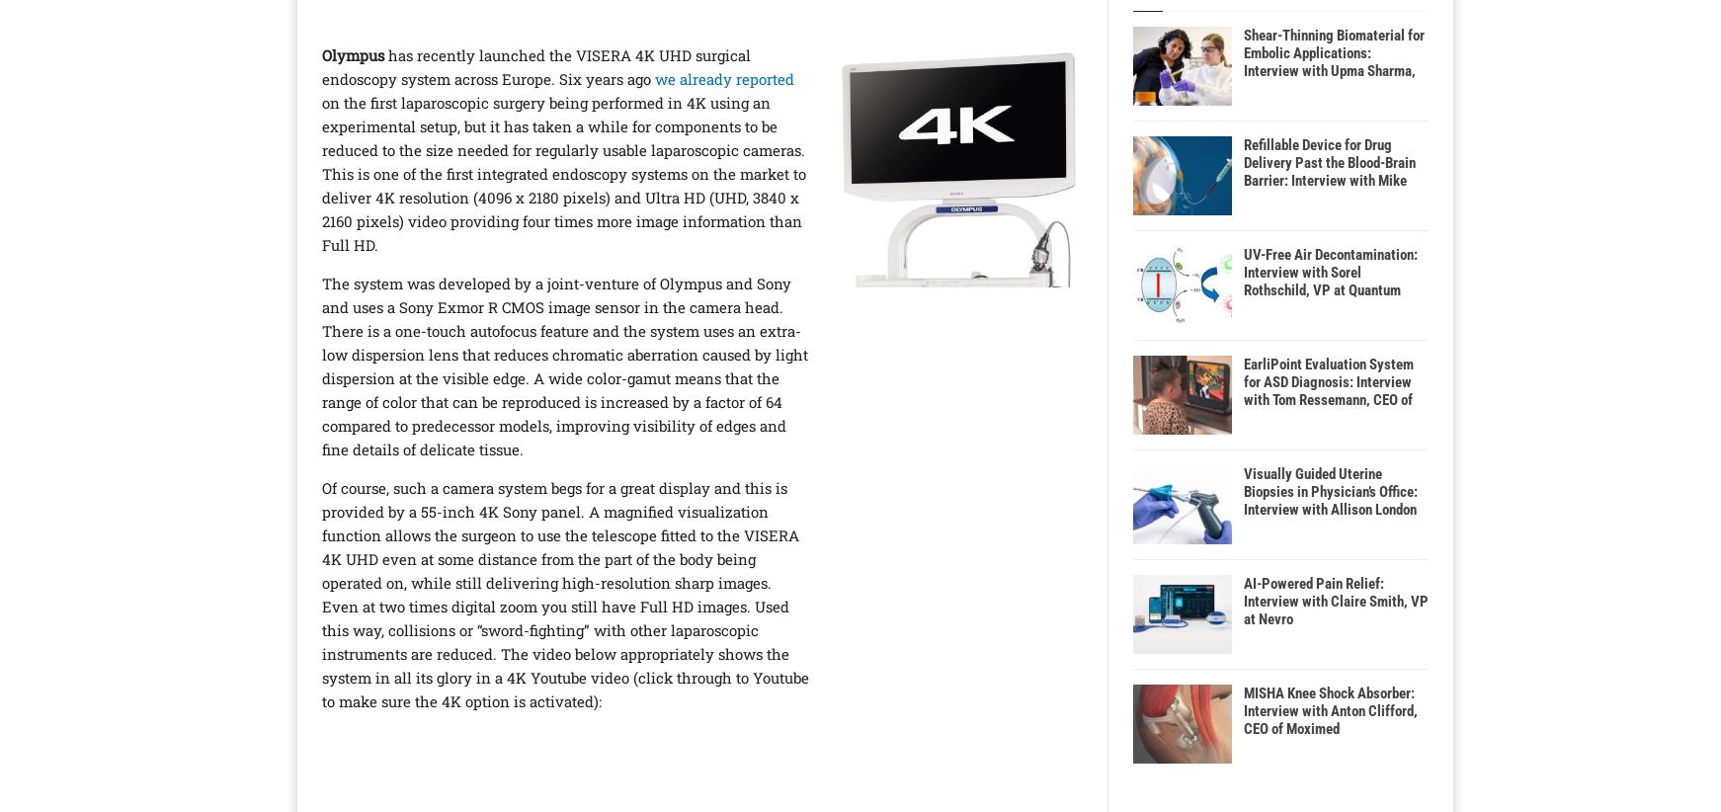 The height and width of the screenshot is (812, 1721). I want to click on 'EarliPoint Evaluation System for ASD Diagnosis: Interview with Tom Ressemann, CEO of EarliTec Dx', so click(1328, 391).